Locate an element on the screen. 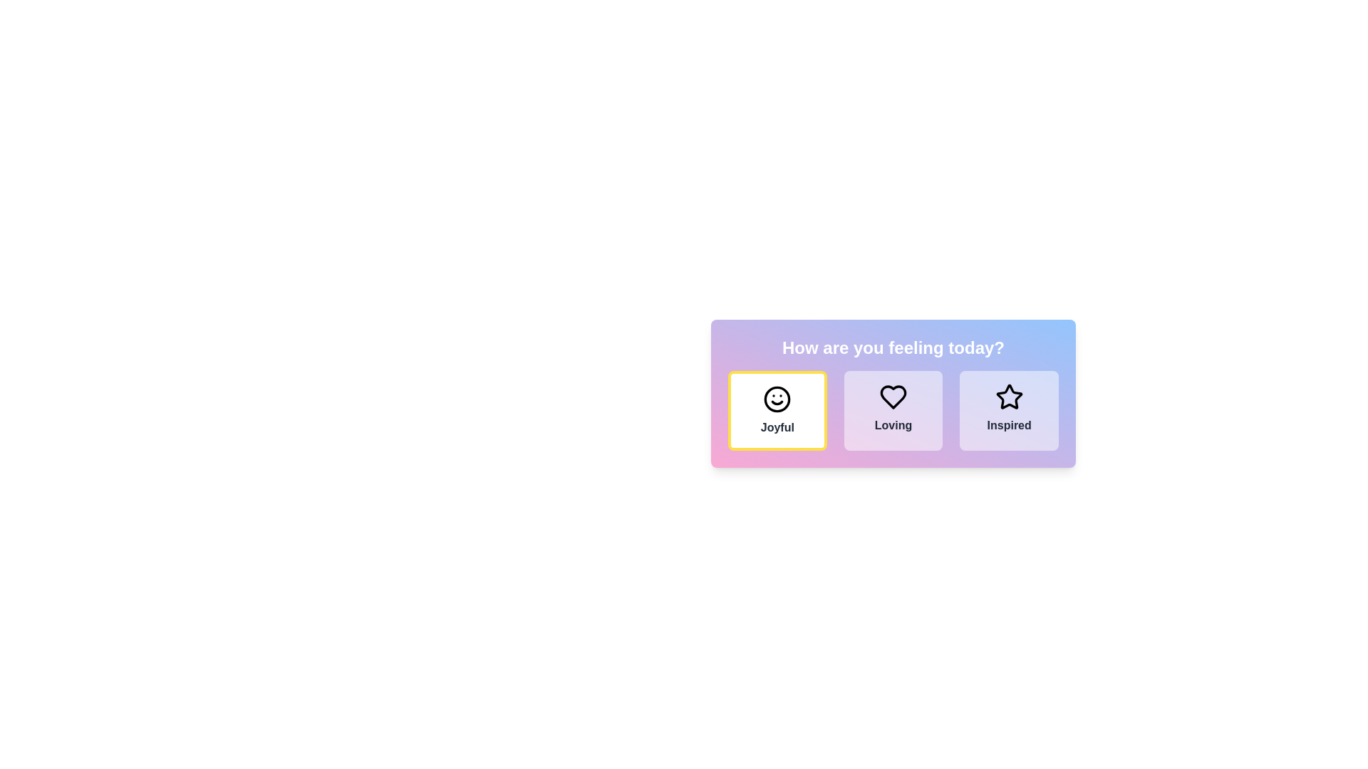 The height and width of the screenshot is (769, 1368). the 'Inspired' selectable card, which is the third card in the set of three horizontally-aligned cards under the heading 'How are you feeling today?' is located at coordinates (1008, 411).